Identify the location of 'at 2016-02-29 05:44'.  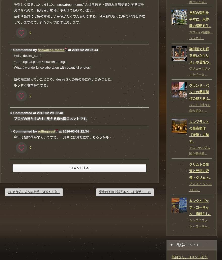
(82, 50).